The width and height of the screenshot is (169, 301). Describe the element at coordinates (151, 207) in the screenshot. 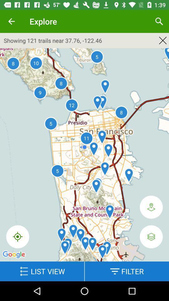

I see `the location icon` at that location.